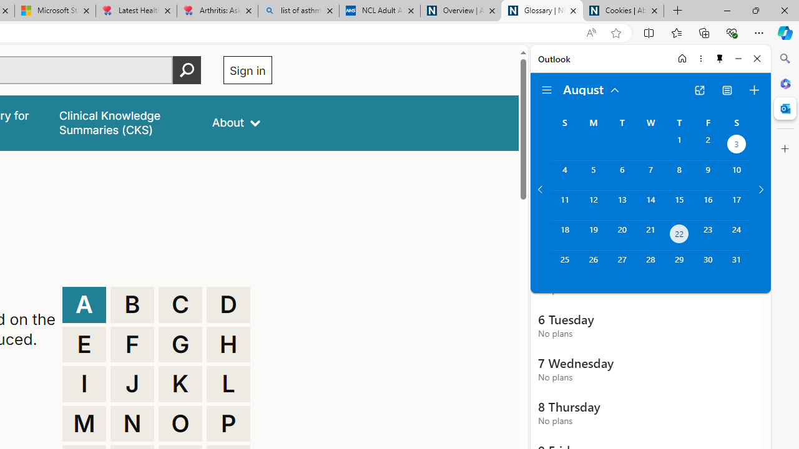 The image size is (799, 449). I want to click on 'Thursday, August 1, 2024. ', so click(679, 145).